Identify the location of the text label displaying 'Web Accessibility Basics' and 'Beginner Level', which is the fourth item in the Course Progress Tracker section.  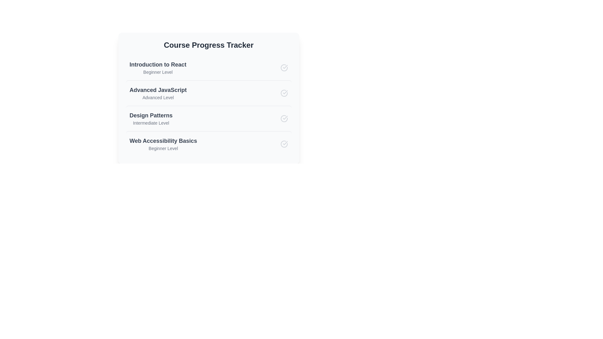
(163, 144).